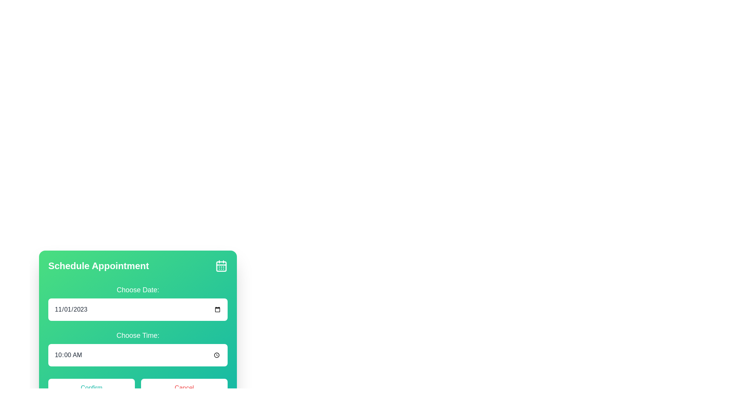 This screenshot has width=742, height=417. I want to click on the calendar icon located in the top-right corner of the 'Schedule Appointment' section, which is aligned with the title text and vertically centered within the title bar, so click(221, 266).